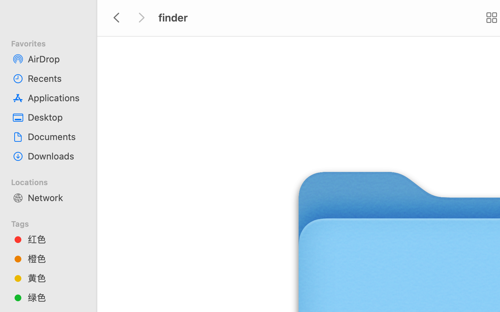  Describe the element at coordinates (55, 117) in the screenshot. I see `'Desktop'` at that location.